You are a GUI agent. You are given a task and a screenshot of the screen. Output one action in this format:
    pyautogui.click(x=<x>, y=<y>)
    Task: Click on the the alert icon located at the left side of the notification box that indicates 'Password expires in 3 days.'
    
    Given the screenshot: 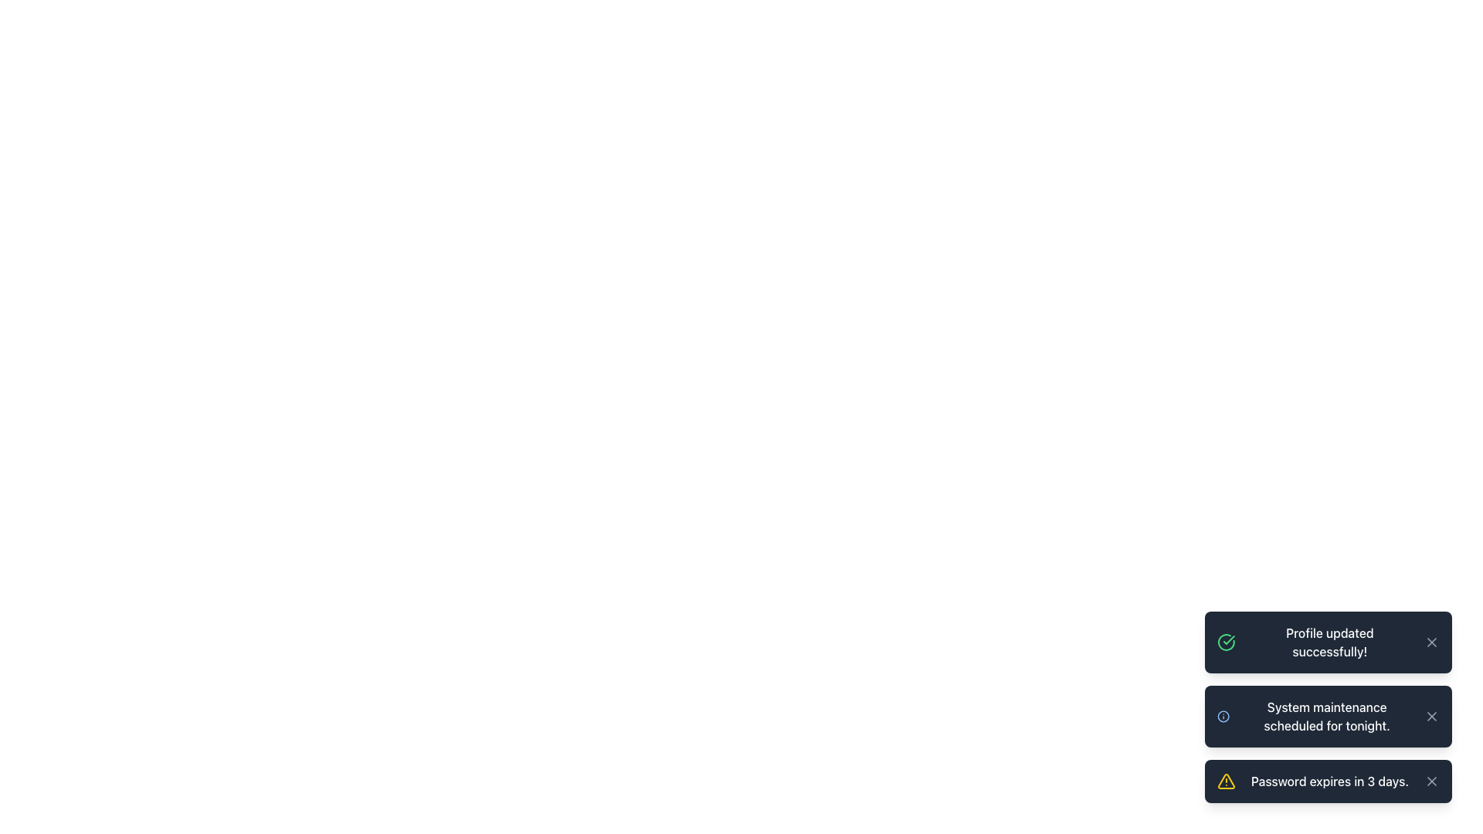 What is the action you would take?
    pyautogui.click(x=1226, y=781)
    